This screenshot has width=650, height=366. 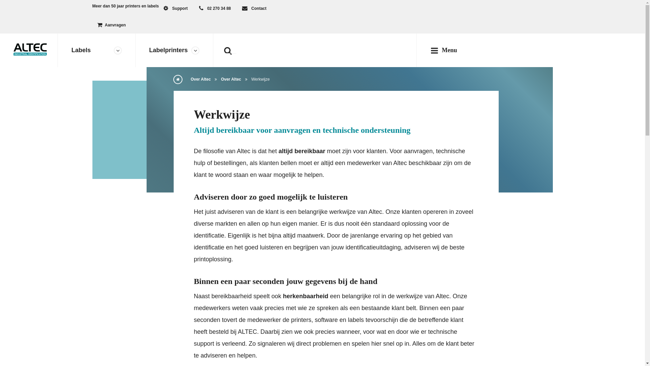 What do you see at coordinates (96, 50) in the screenshot?
I see `'Labels'` at bounding box center [96, 50].